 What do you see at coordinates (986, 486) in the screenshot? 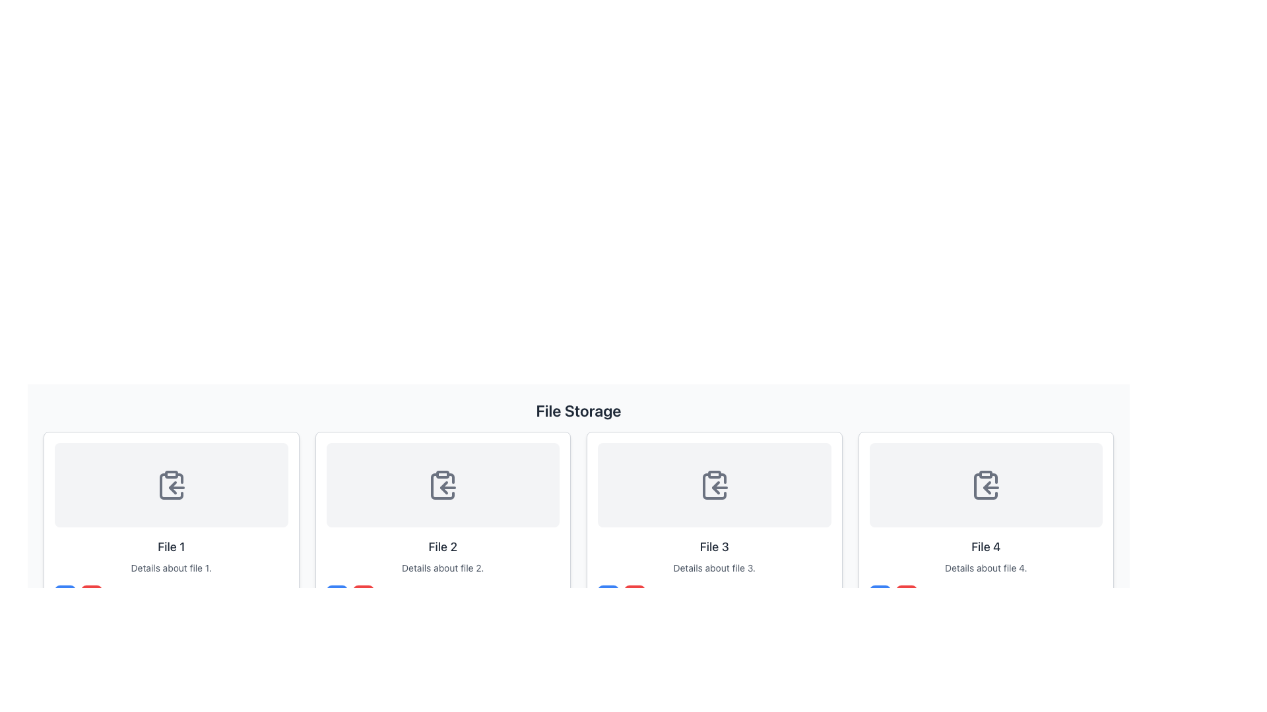
I see `the clipboard-like icon with a left-pointing arrow located in the fourth card titled 'File 4' in the upper middle portion of the fourth column` at bounding box center [986, 486].